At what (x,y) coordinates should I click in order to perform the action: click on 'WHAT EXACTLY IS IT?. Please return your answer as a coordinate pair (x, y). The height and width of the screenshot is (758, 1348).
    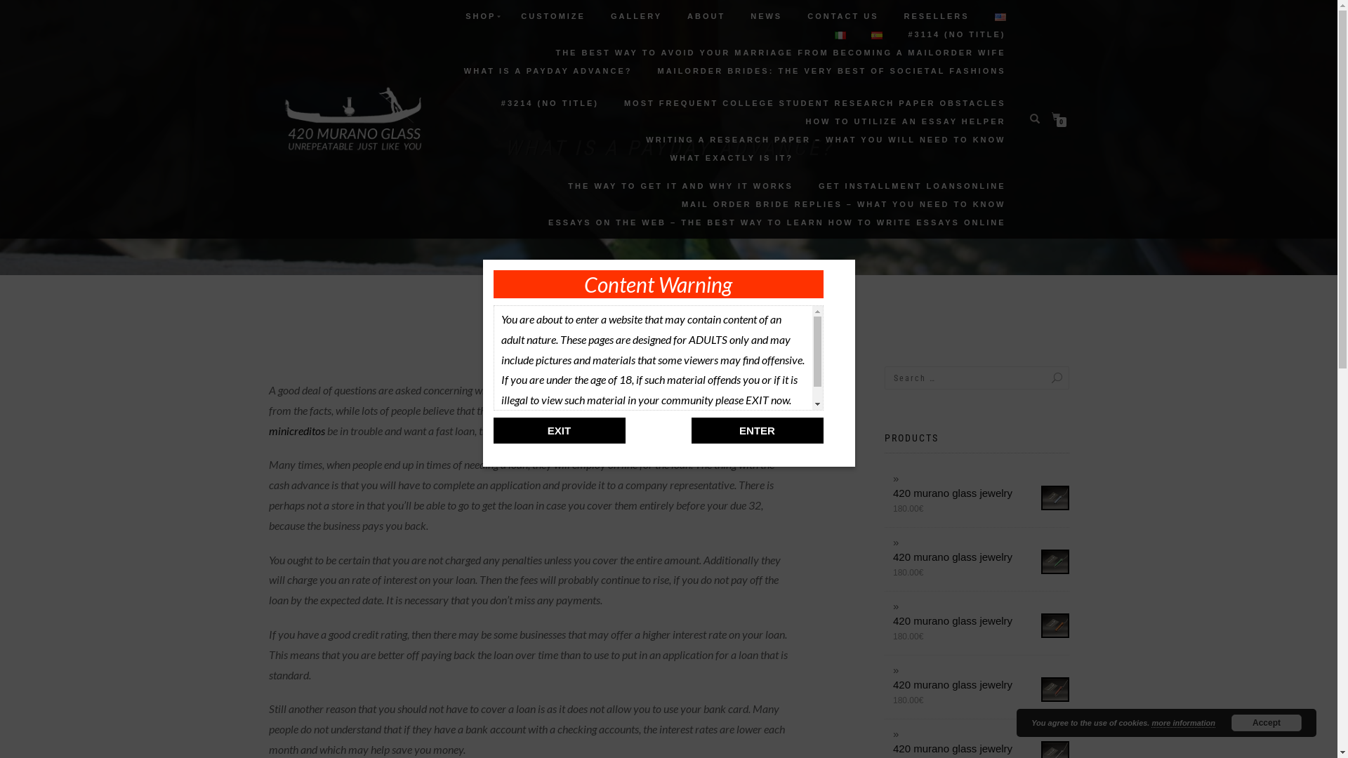
    Looking at the image, I should click on (680, 171).